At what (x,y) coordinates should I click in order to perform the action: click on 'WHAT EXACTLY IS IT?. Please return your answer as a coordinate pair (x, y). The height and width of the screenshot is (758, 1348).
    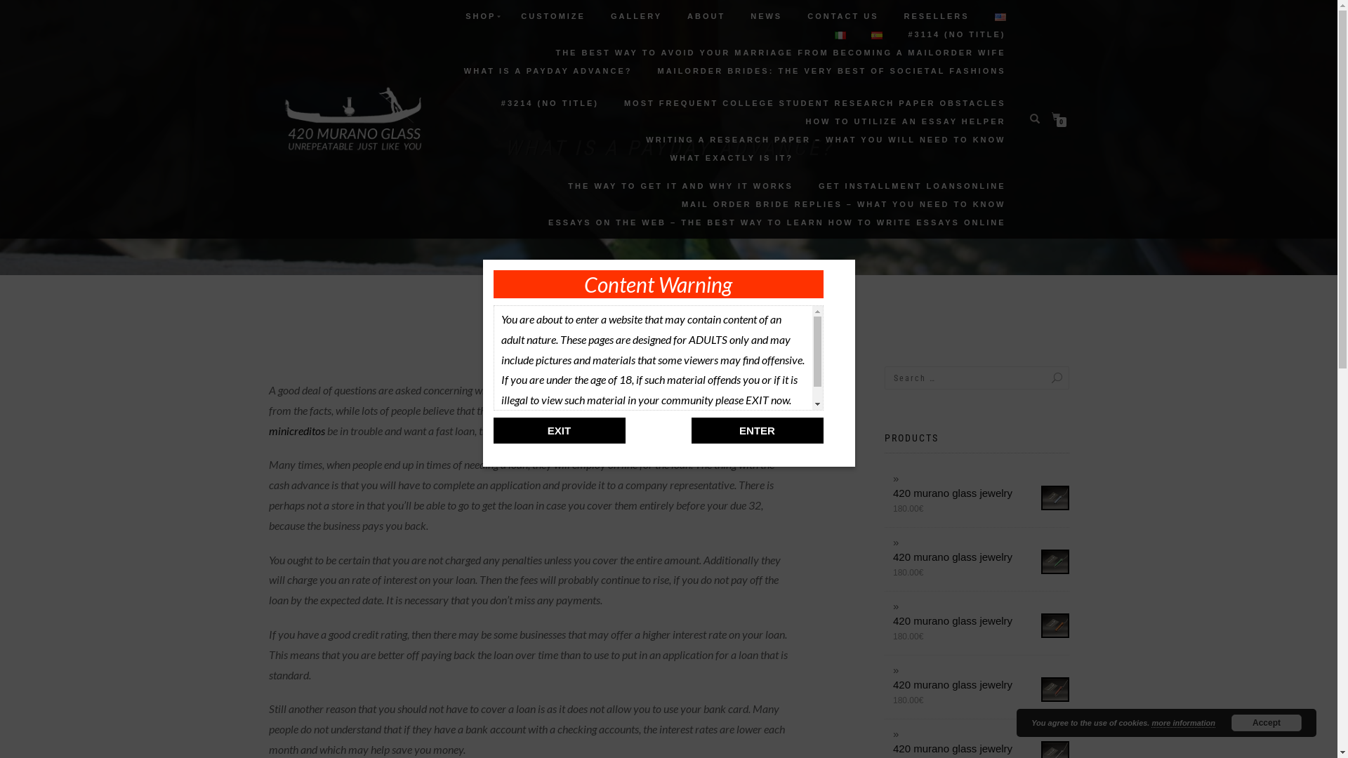
    Looking at the image, I should click on (680, 171).